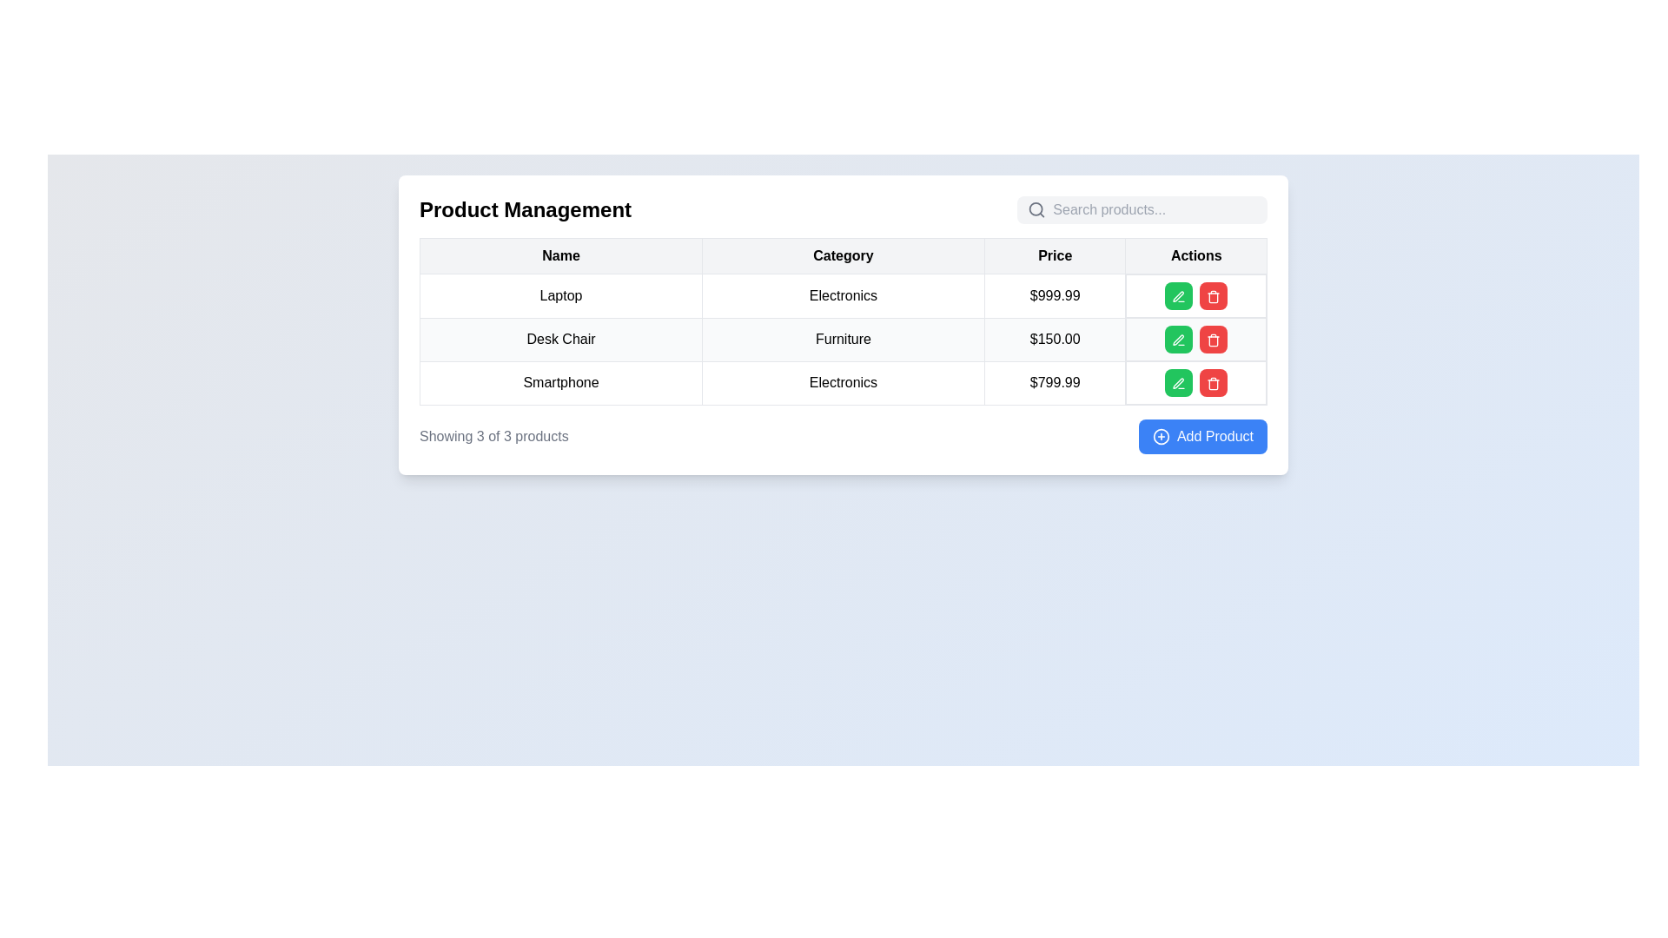 The width and height of the screenshot is (1668, 938). Describe the element at coordinates (561, 339) in the screenshot. I see `the 'Desk Chair' text label in the product management table, which is located in the second row under the 'Name' column` at that location.